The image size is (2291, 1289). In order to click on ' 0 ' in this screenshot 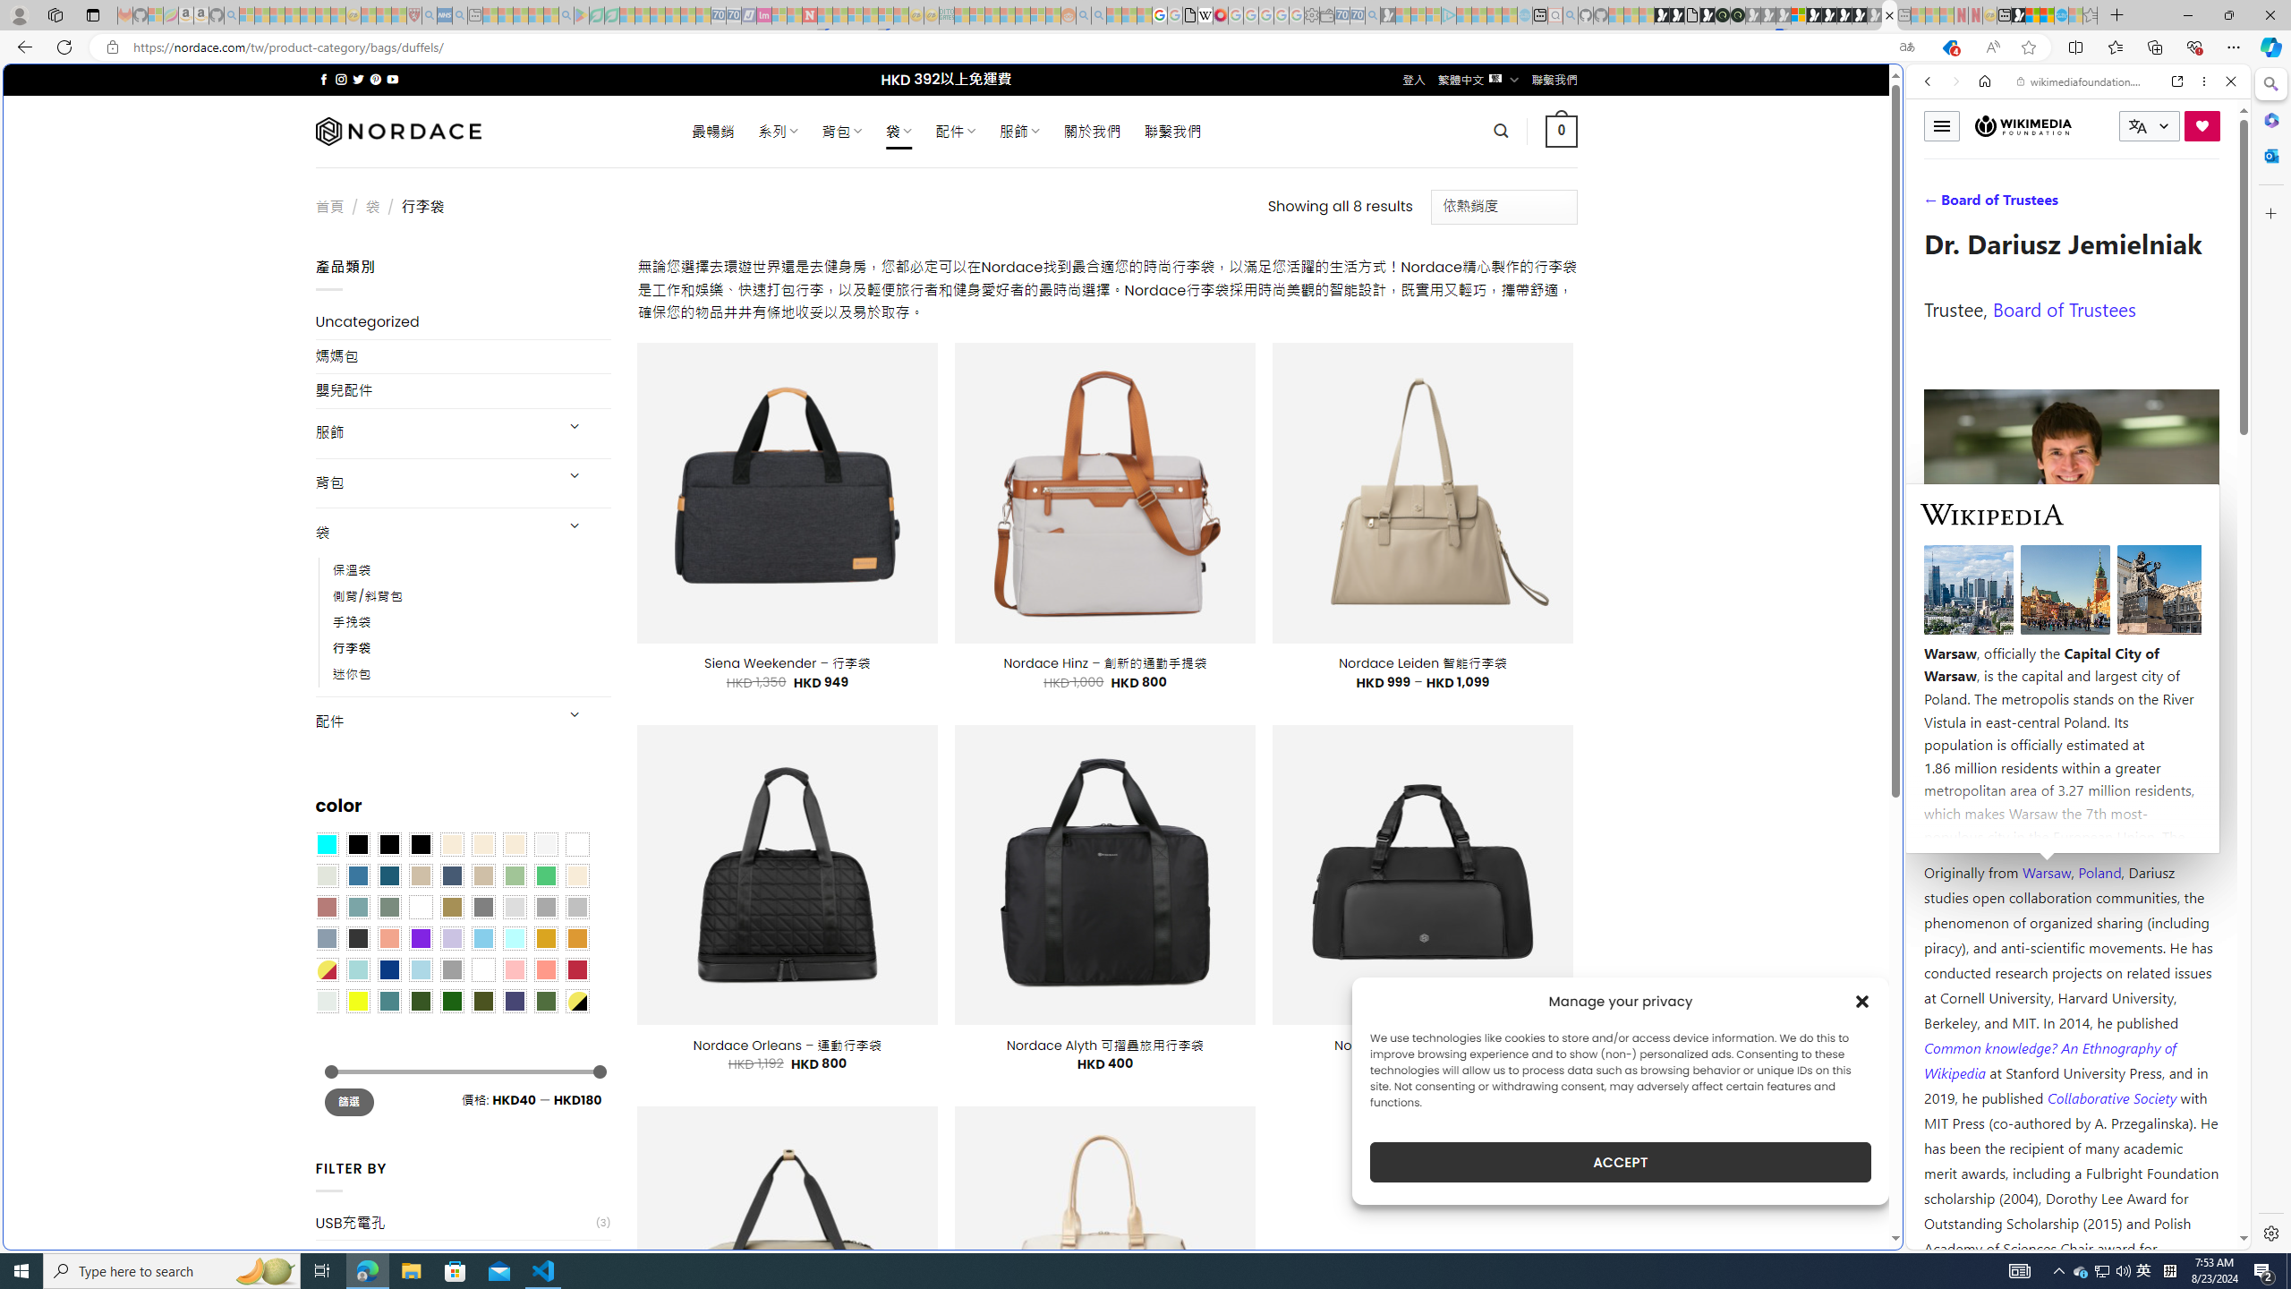, I will do `click(1561, 130)`.